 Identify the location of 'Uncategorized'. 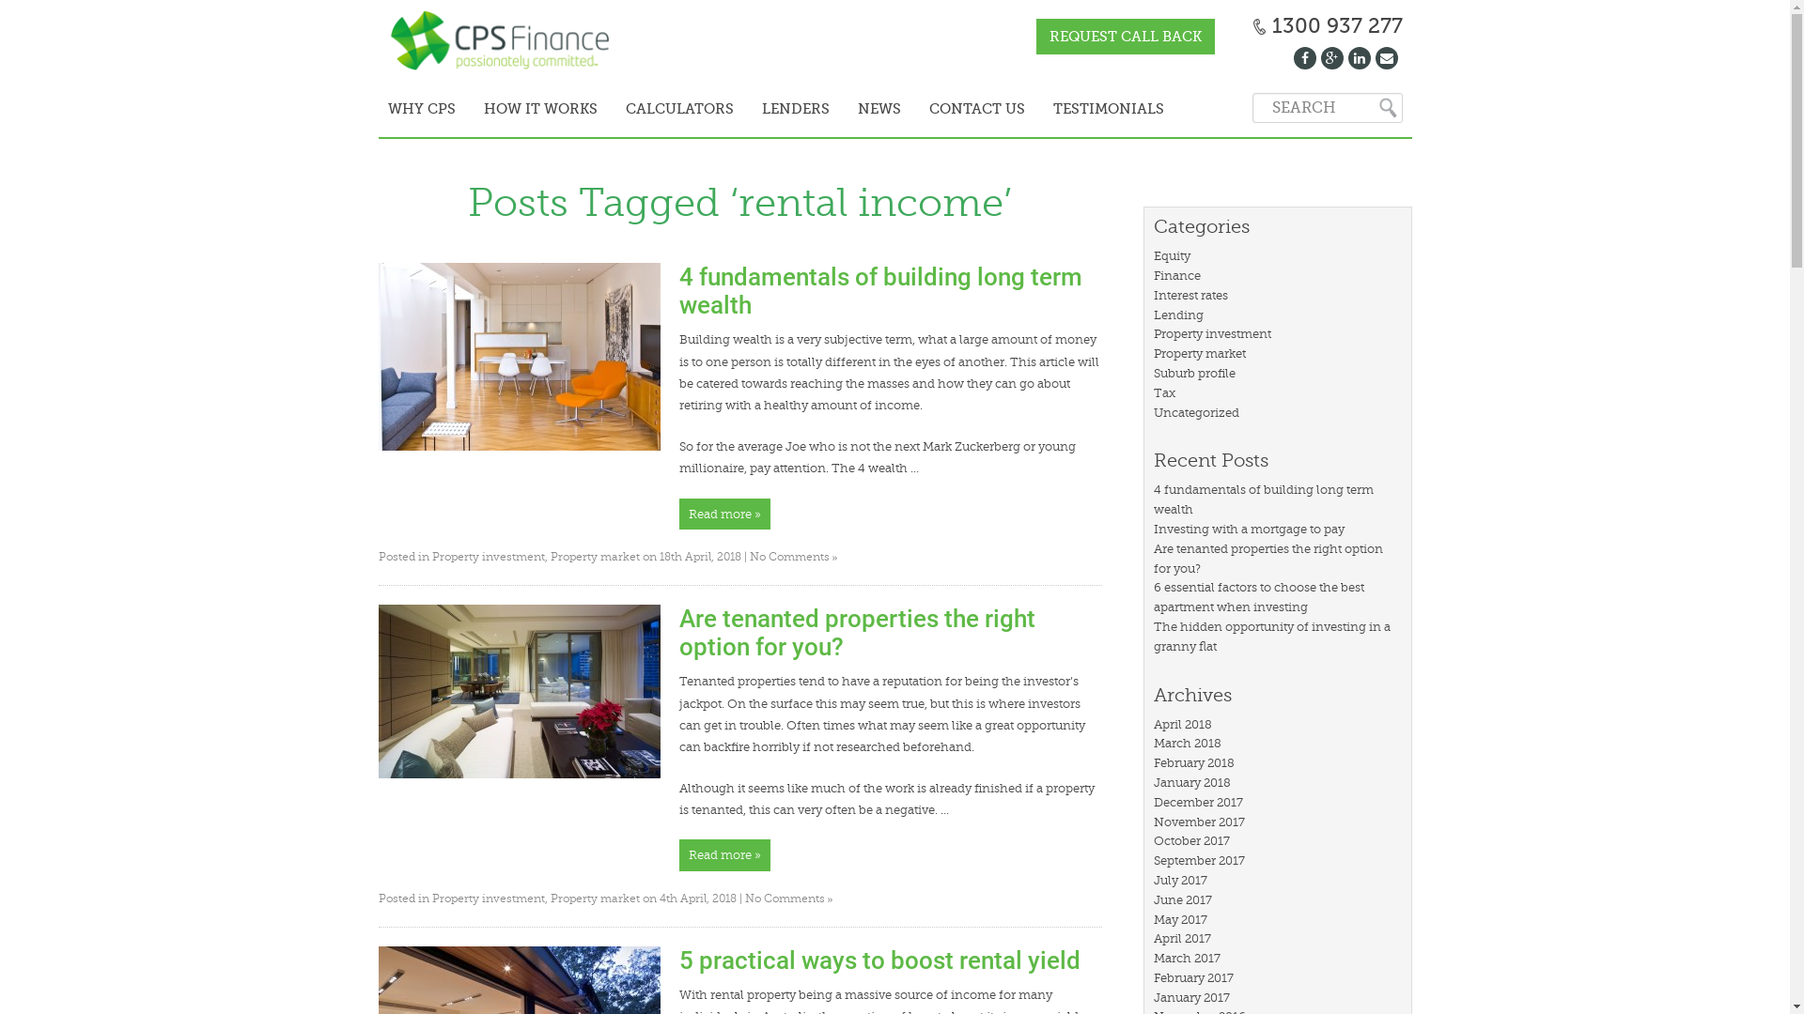
(1195, 411).